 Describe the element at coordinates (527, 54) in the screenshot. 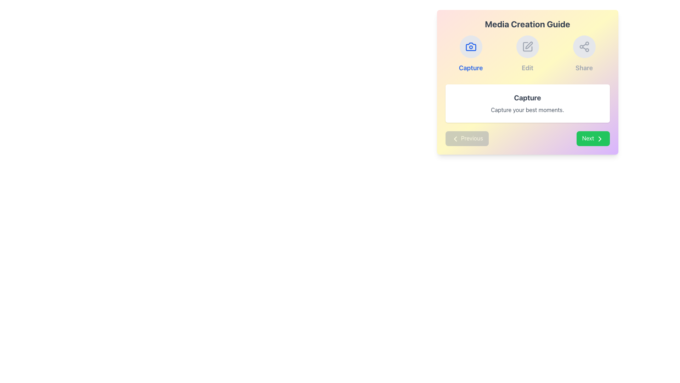

I see `the editing button located in the middle of the triple set under the 'Media Creation Guide' section, positioned between 'Capture' and 'Share'` at that location.